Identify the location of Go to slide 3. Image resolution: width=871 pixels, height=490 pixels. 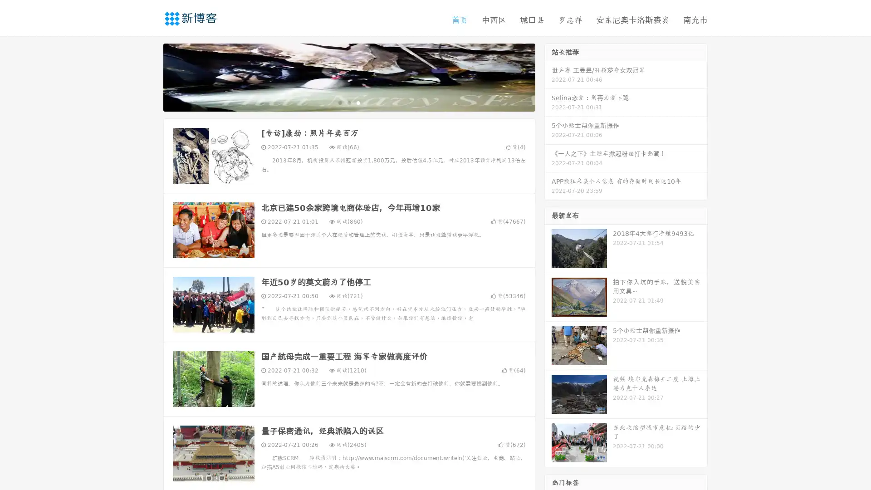
(358, 102).